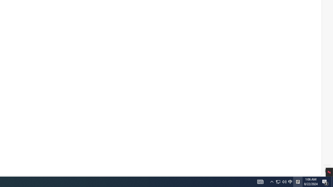  What do you see at coordinates (327, 171) in the screenshot?
I see `'Settings'` at bounding box center [327, 171].